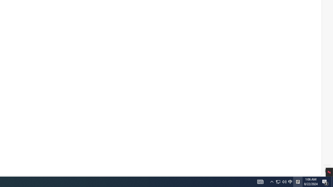  What do you see at coordinates (327, 171) in the screenshot?
I see `'Settings'` at bounding box center [327, 171].